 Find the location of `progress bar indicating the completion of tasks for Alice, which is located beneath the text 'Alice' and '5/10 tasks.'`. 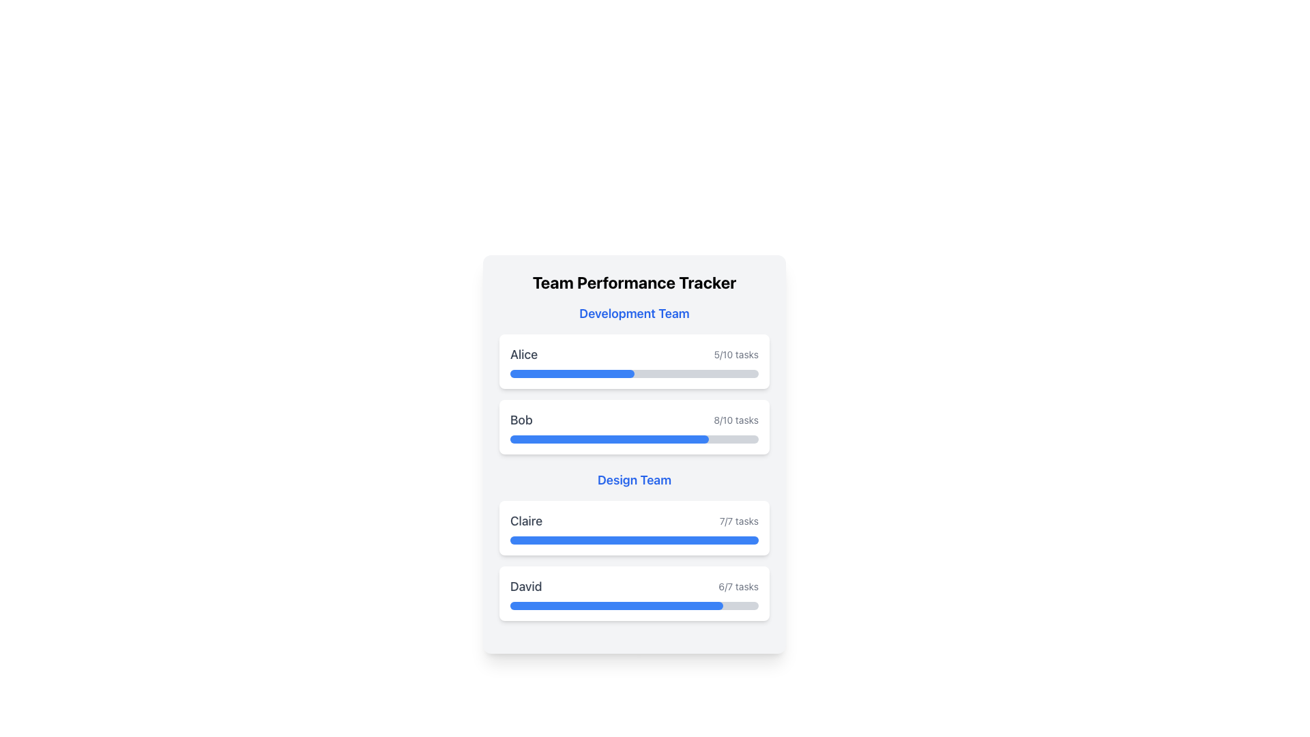

progress bar indicating the completion of tasks for Alice, which is located beneath the text 'Alice' and '5/10 tasks.' is located at coordinates (634, 373).